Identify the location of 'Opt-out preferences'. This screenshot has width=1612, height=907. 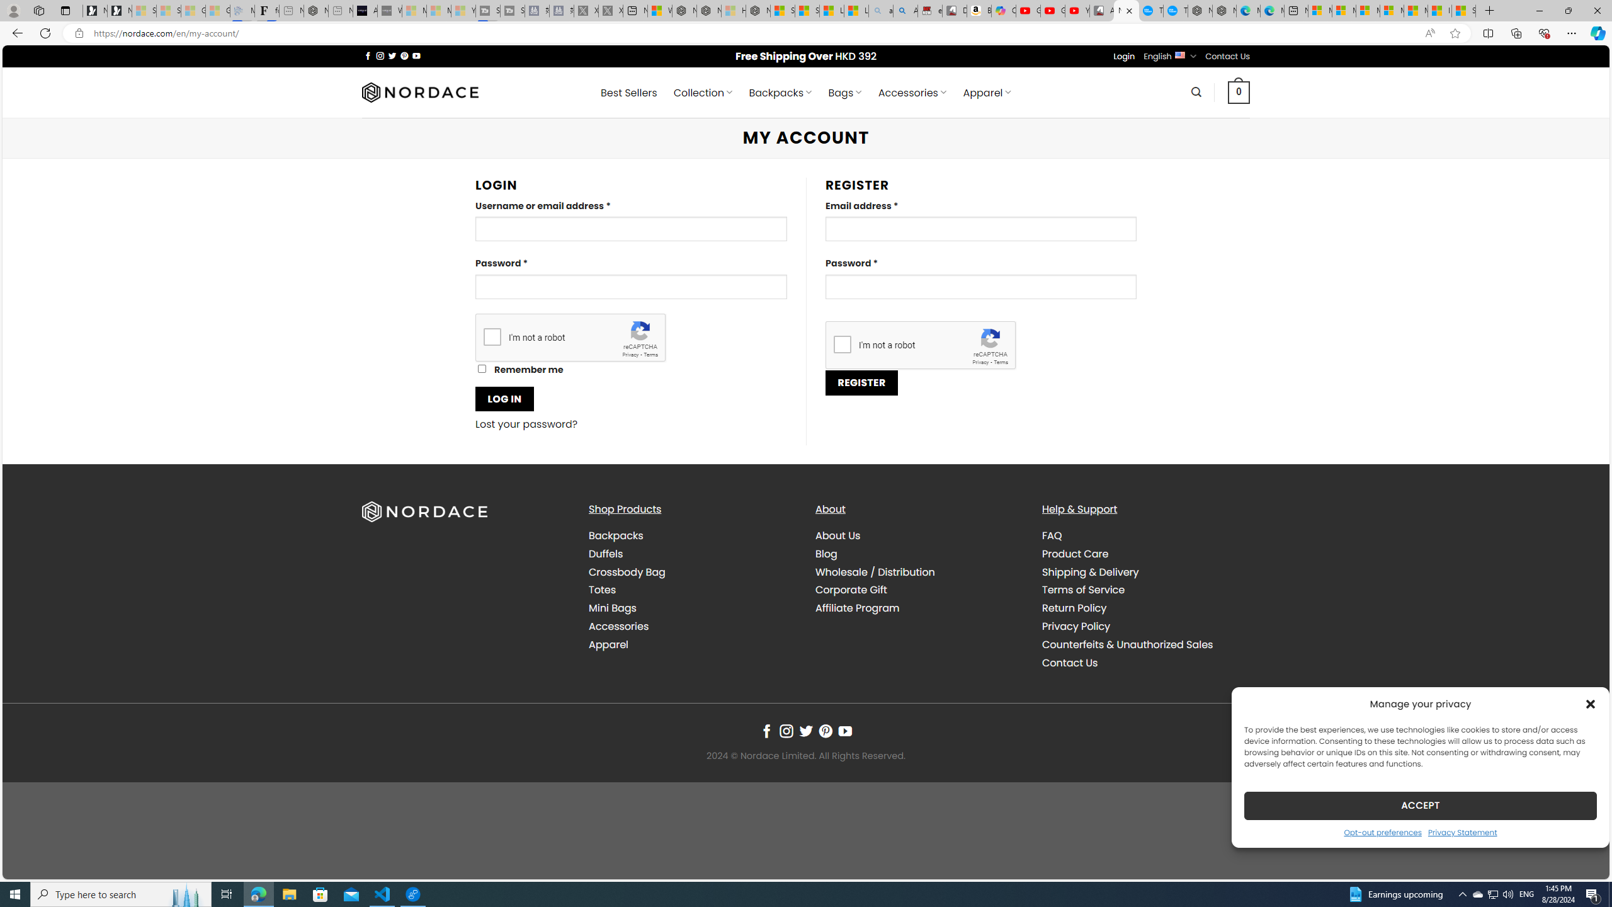
(1383, 831).